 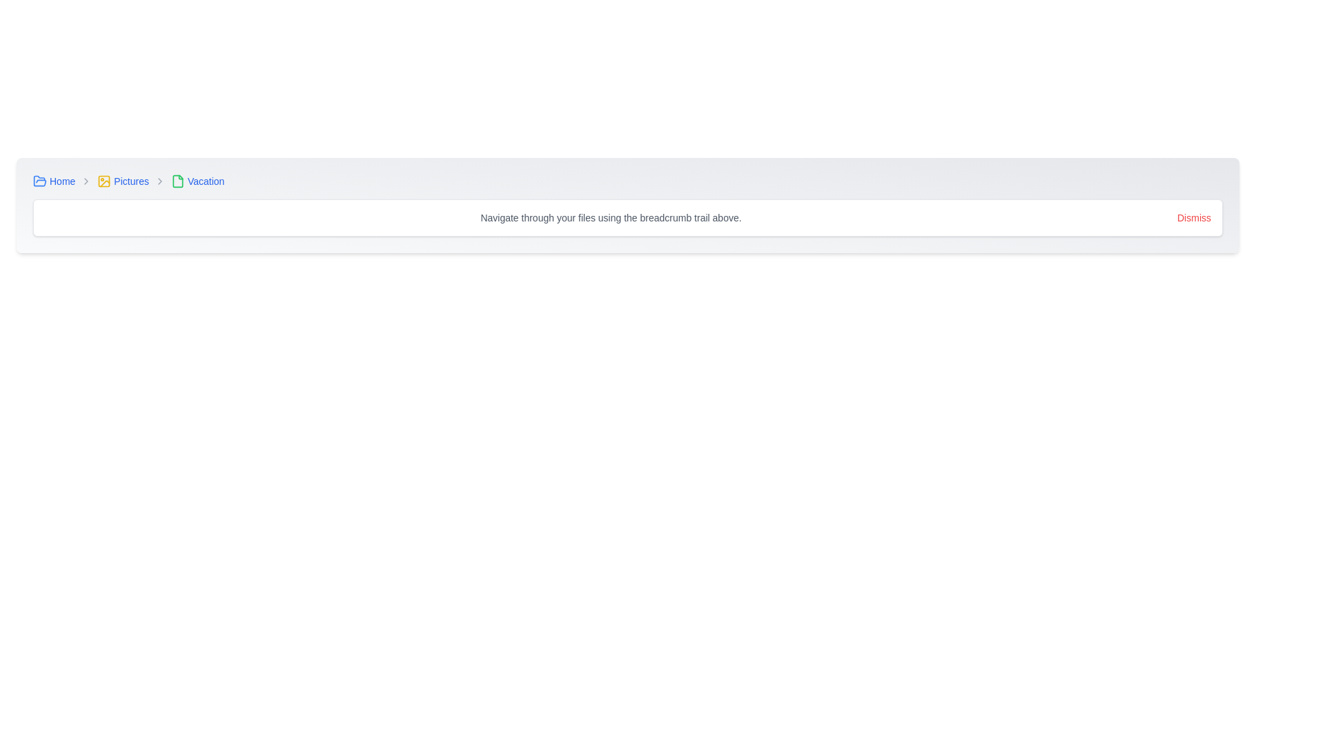 What do you see at coordinates (131, 180) in the screenshot?
I see `the 'Pictures' text label in the breadcrumb navigation bar` at bounding box center [131, 180].